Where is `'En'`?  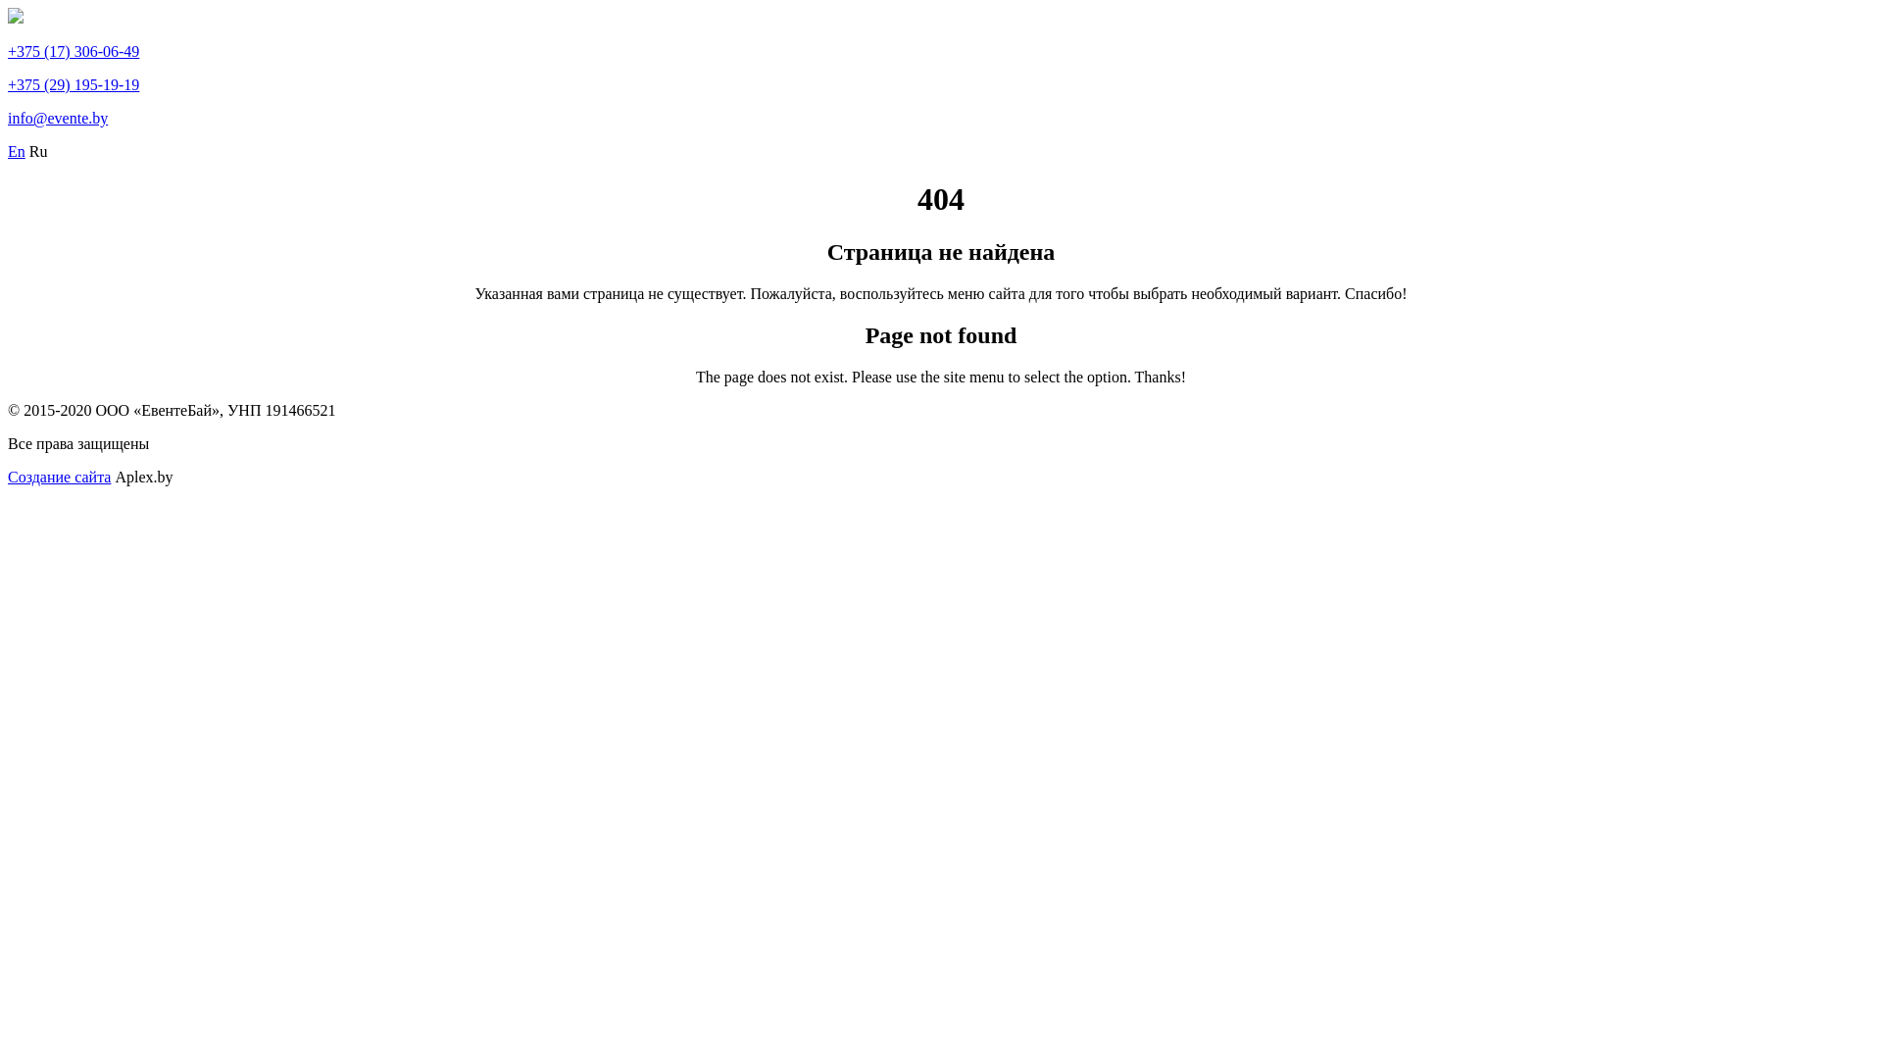 'En' is located at coordinates (17, 150).